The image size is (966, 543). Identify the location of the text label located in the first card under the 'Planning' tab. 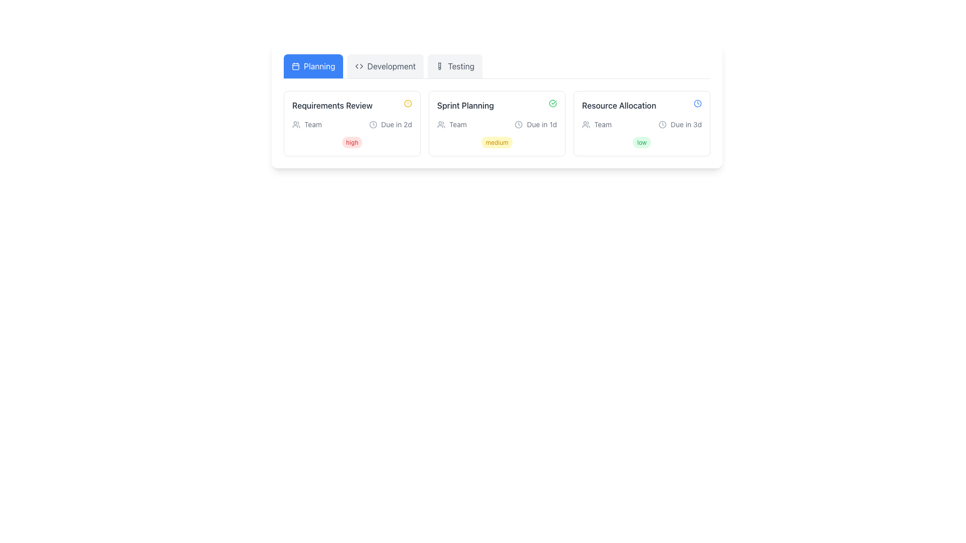
(332, 105).